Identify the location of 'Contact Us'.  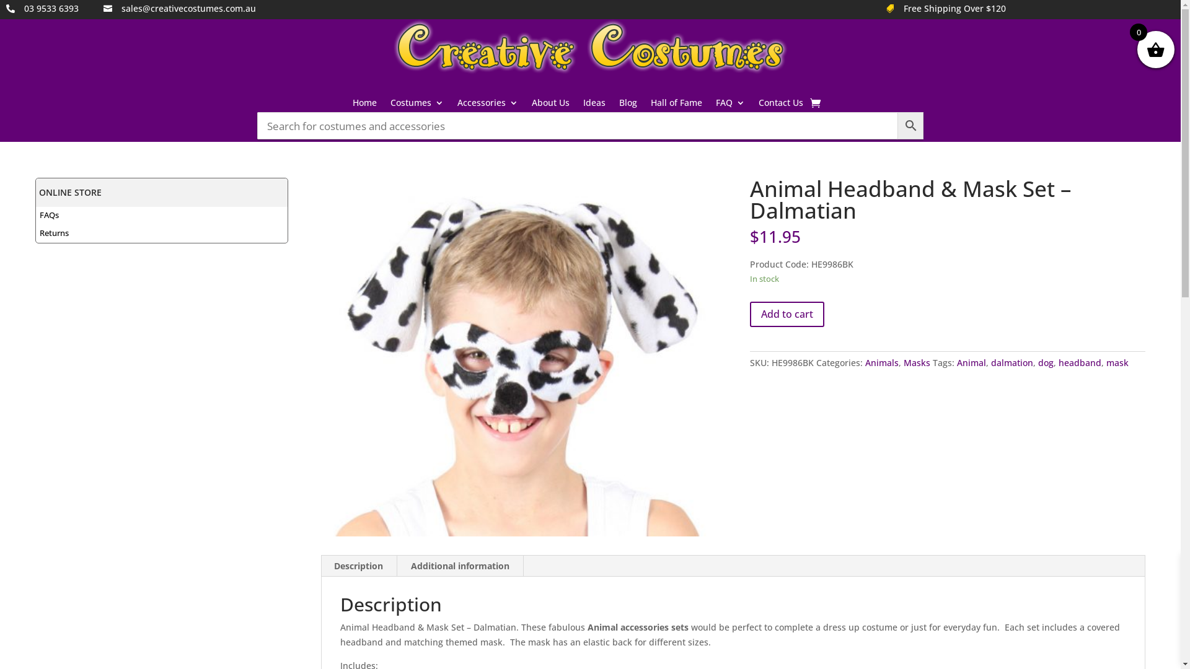
(780, 104).